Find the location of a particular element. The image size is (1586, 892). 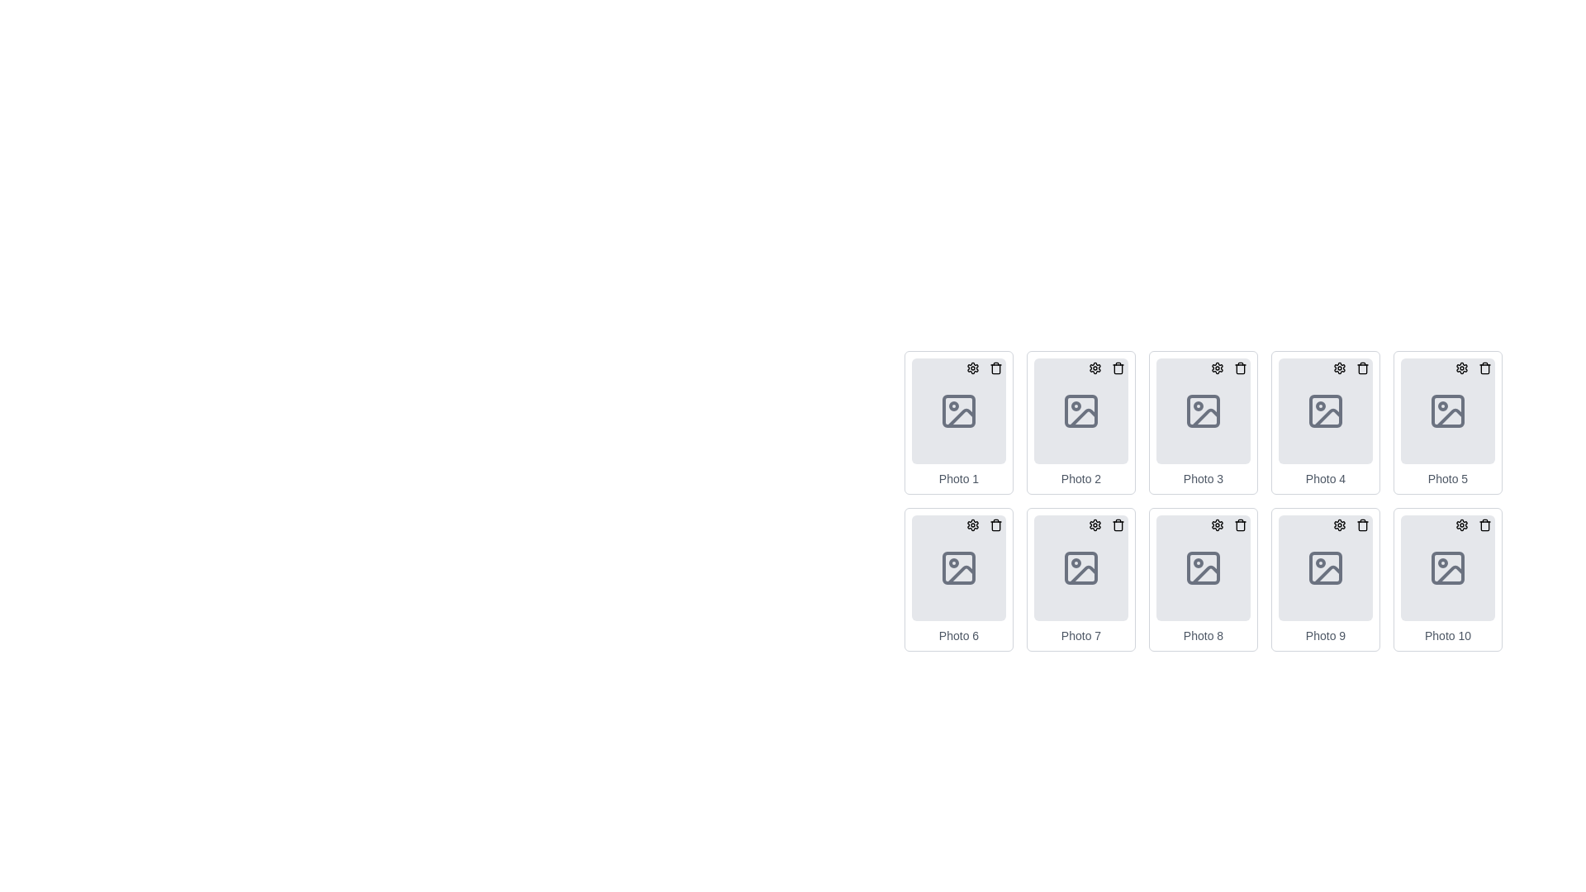

the delete button located at the top-right corner of the 'Photo 10' card is located at coordinates (1485, 525).